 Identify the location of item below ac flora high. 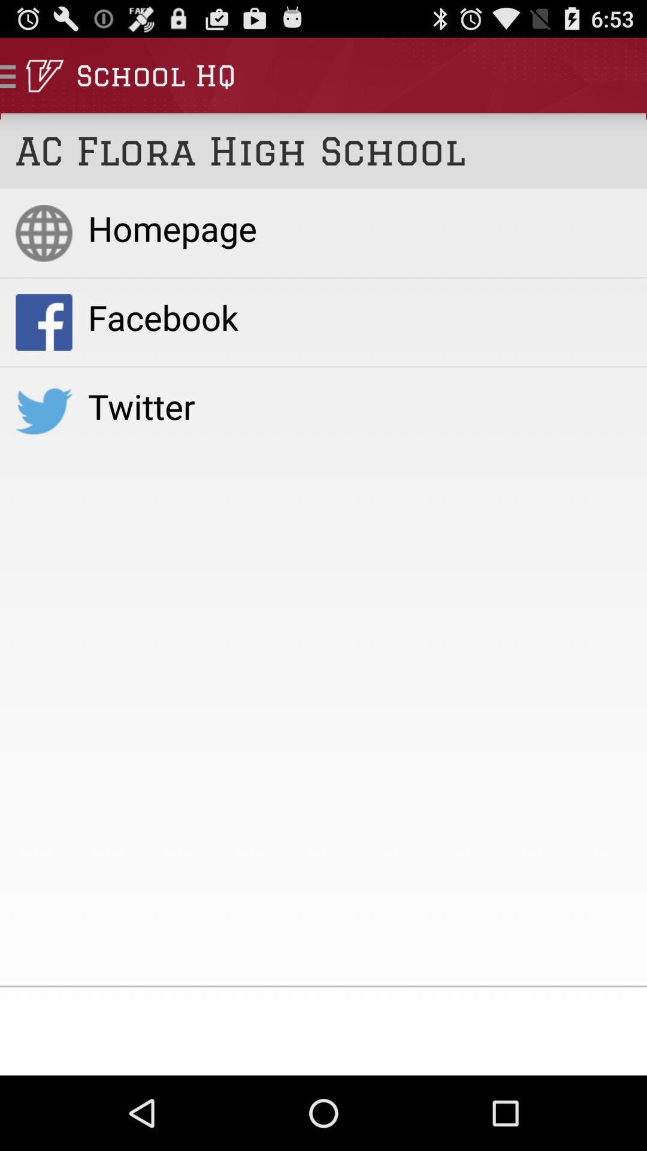
(359, 228).